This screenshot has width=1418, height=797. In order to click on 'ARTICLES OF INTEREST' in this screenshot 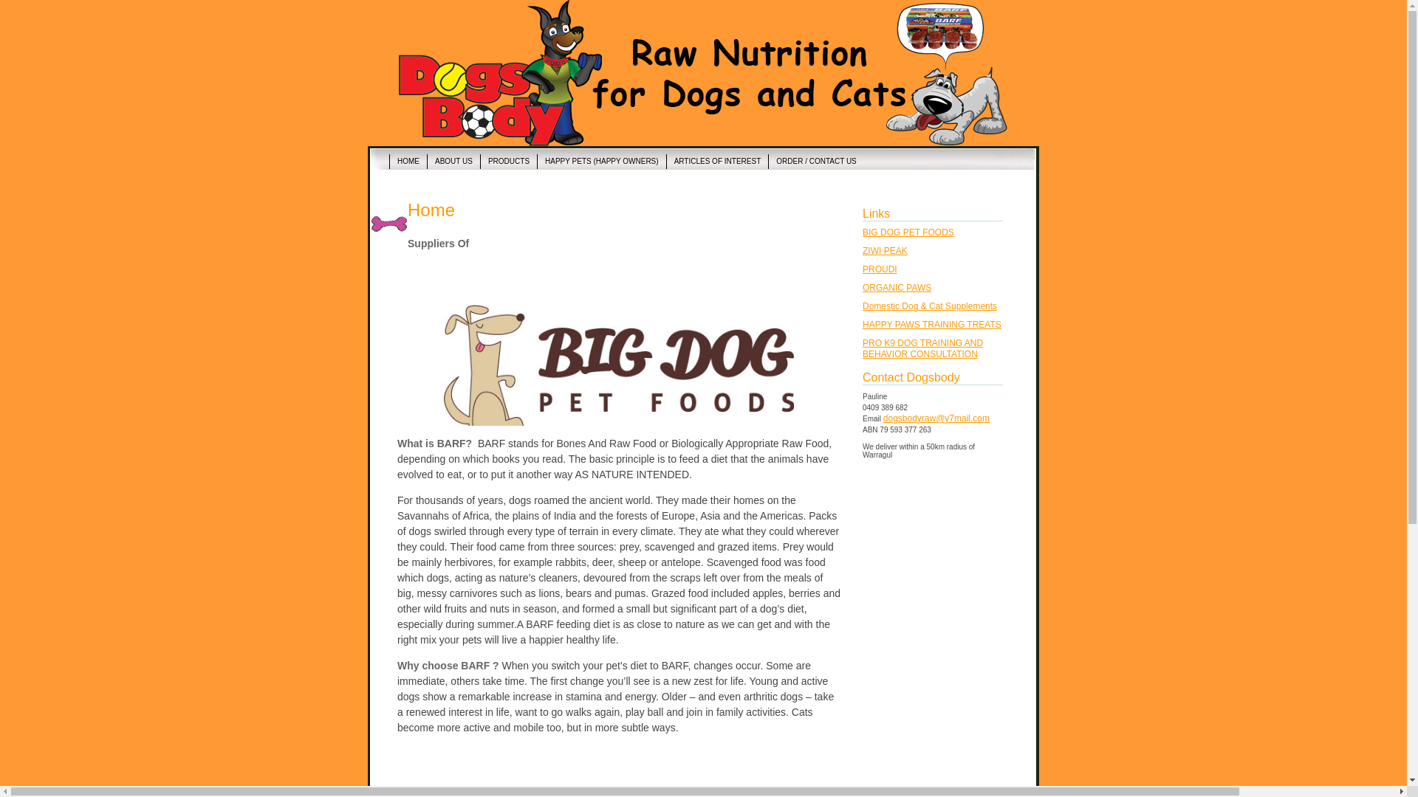, I will do `click(717, 162)`.